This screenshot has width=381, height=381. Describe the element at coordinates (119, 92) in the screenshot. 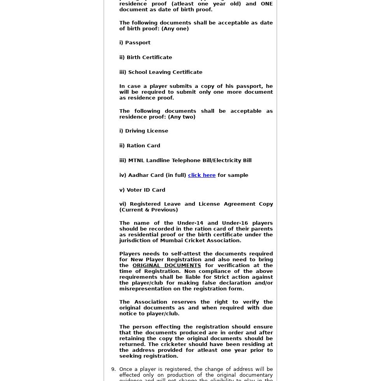

I see `'In case a player submits a copy of his passport, he will be required to submit only one more document as residence proof.'` at that location.